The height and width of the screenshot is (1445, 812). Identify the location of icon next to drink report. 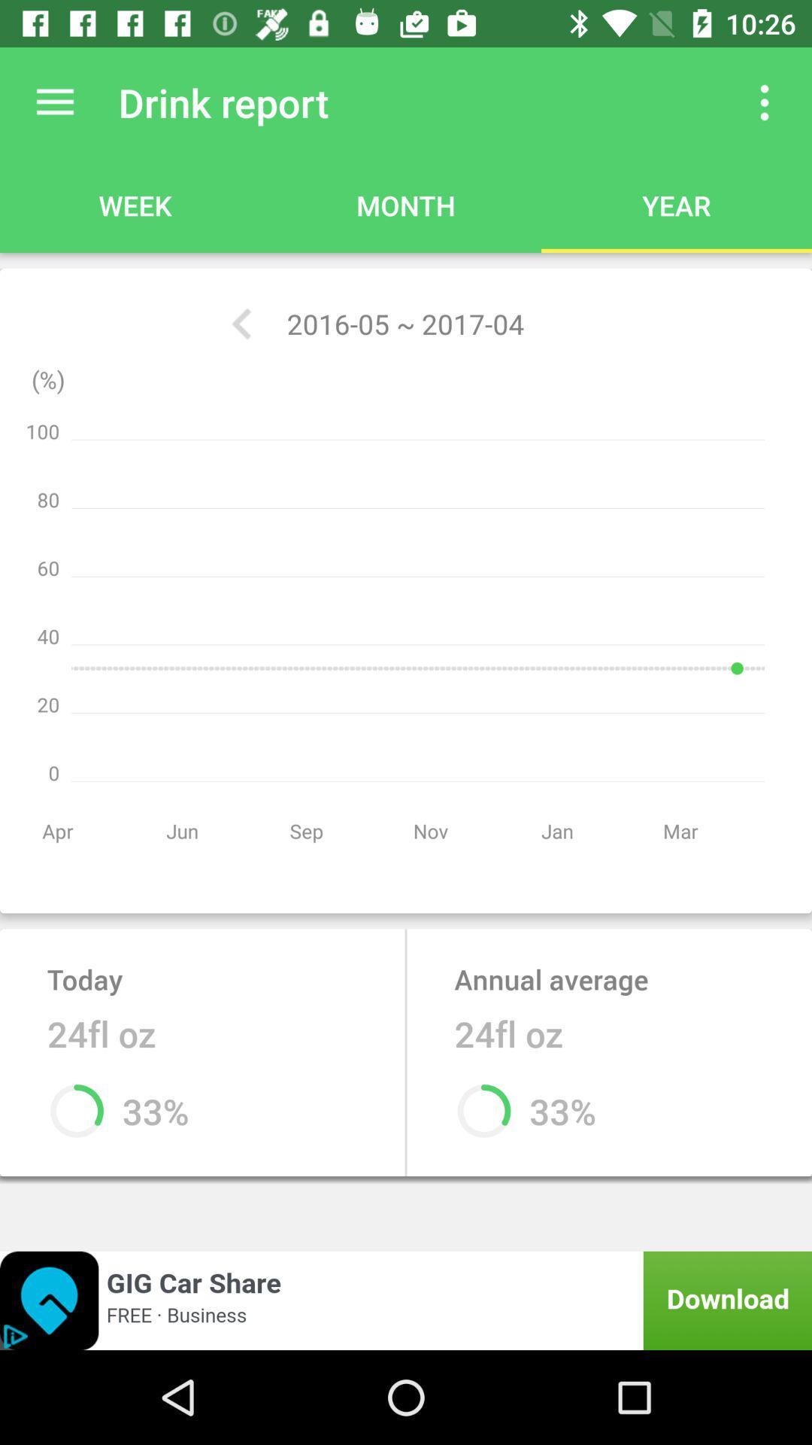
(765, 102).